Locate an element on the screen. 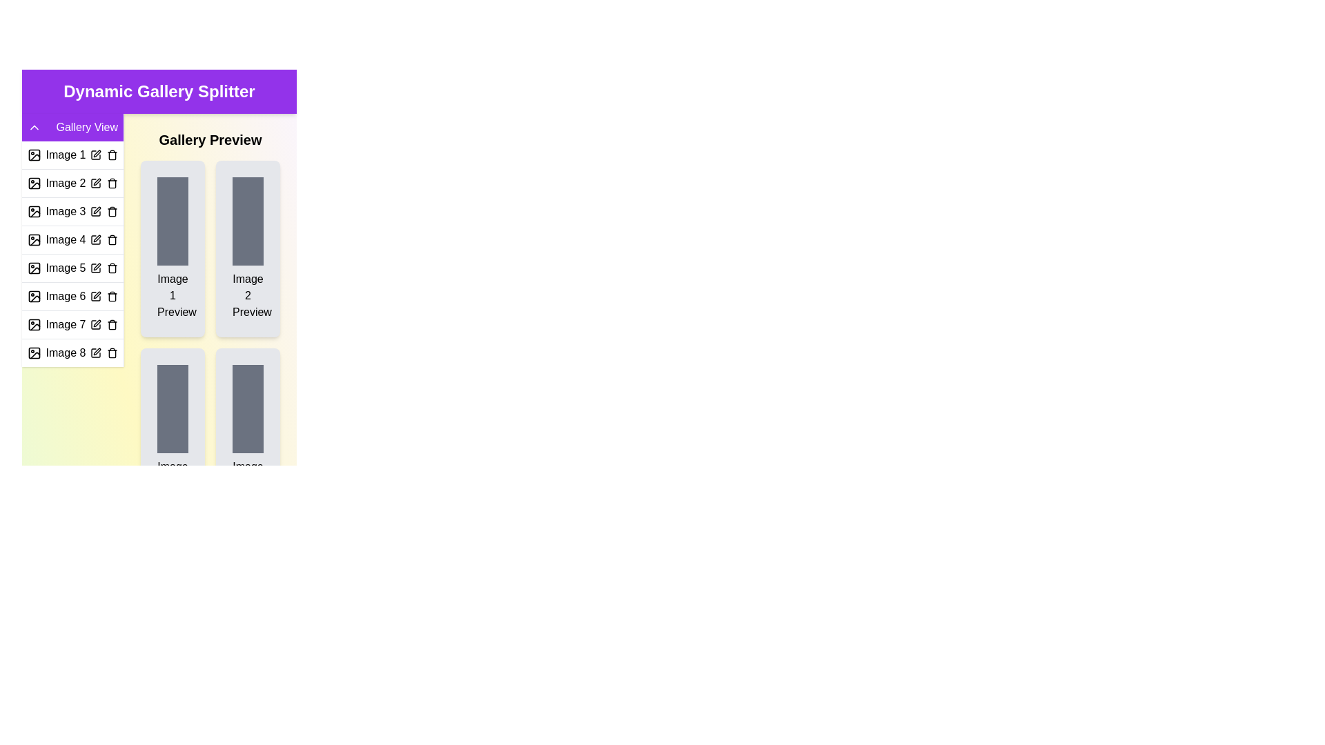  the static text label displaying 'Gallery Preview' which is centrally positioned above the grid of image previews is located at coordinates (210, 140).